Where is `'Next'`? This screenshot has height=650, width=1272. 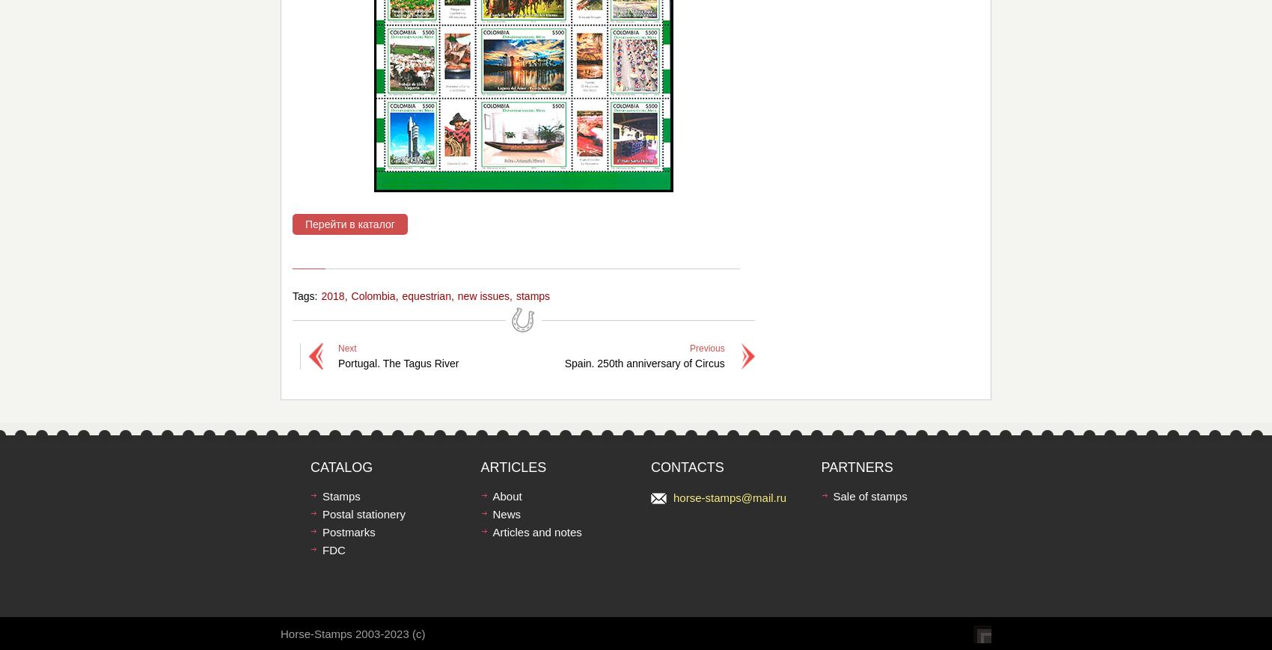
'Next' is located at coordinates (346, 348).